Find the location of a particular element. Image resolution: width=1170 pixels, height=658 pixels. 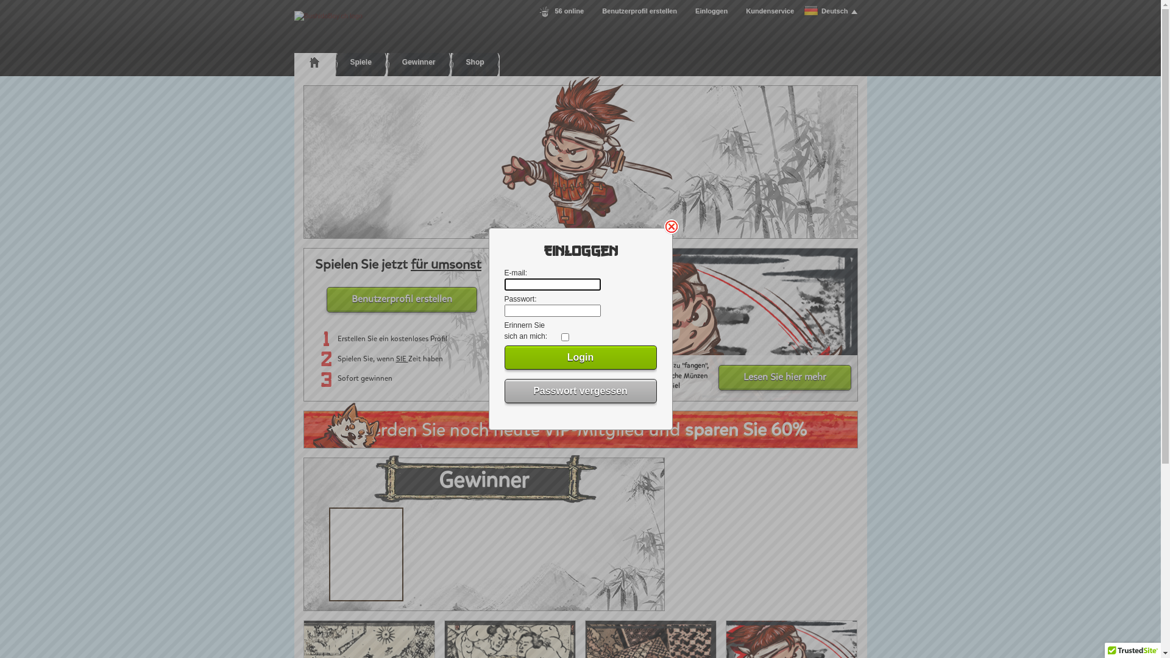

'Shop' is located at coordinates (474, 62).